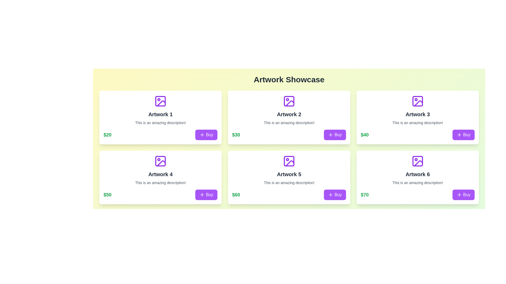 The image size is (506, 284). Describe the element at coordinates (417, 123) in the screenshot. I see `text label displaying 'This is an amazing description!' located beneath the 'Artwork 3' title in the central card of the second row` at that location.